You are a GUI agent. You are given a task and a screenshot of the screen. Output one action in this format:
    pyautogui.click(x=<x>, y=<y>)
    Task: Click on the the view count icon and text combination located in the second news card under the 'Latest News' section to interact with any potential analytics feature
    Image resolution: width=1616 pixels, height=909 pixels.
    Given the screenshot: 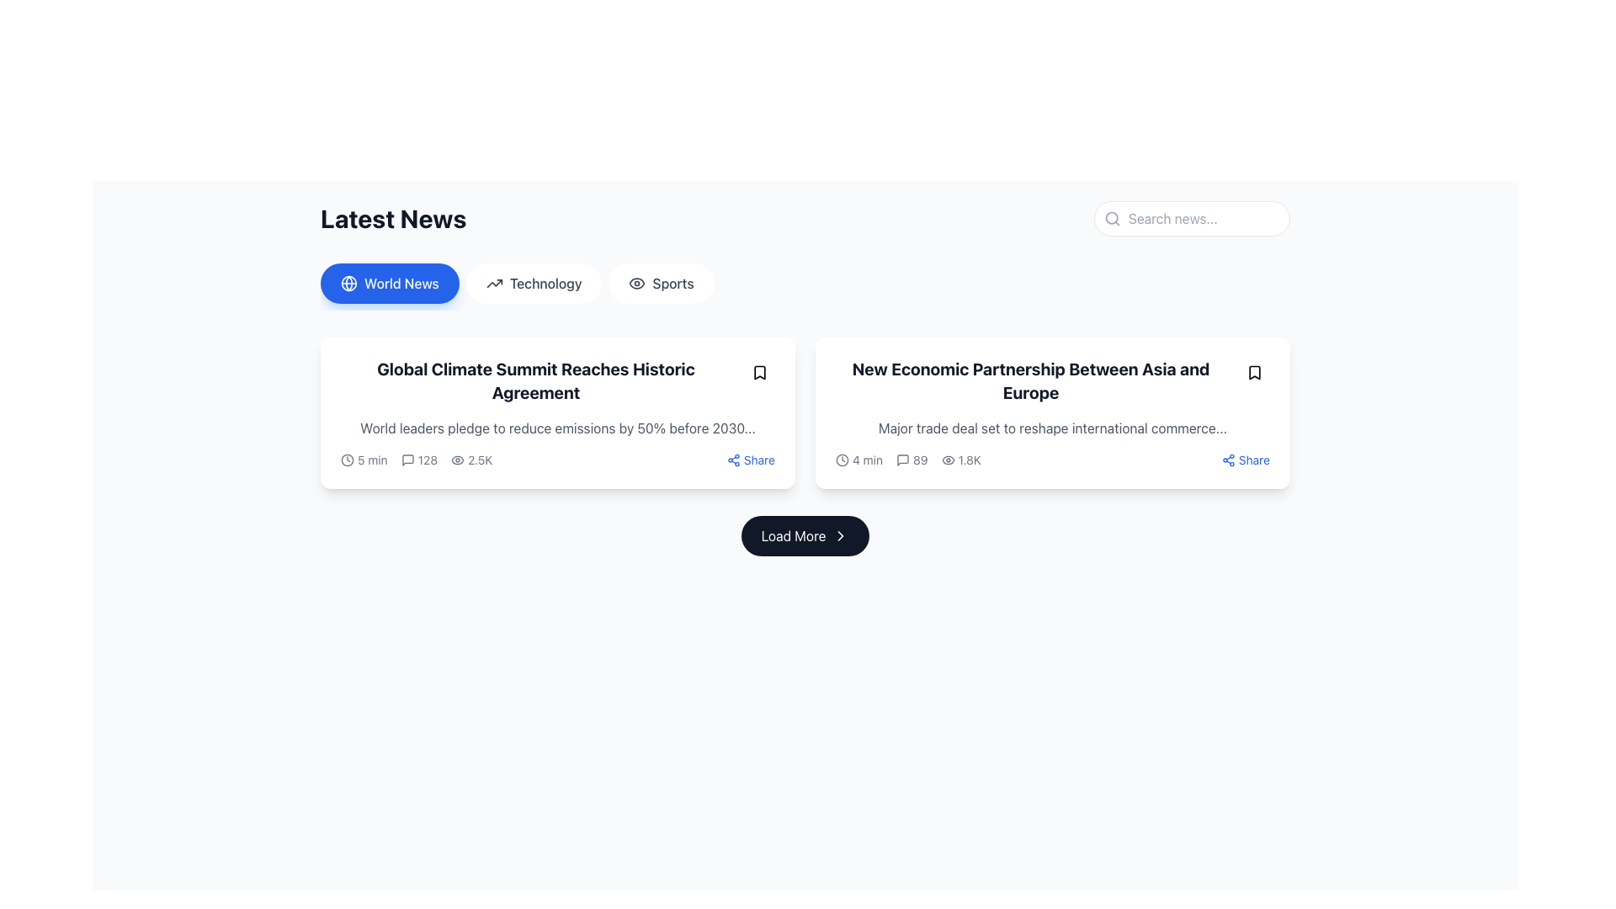 What is the action you would take?
    pyautogui.click(x=961, y=460)
    